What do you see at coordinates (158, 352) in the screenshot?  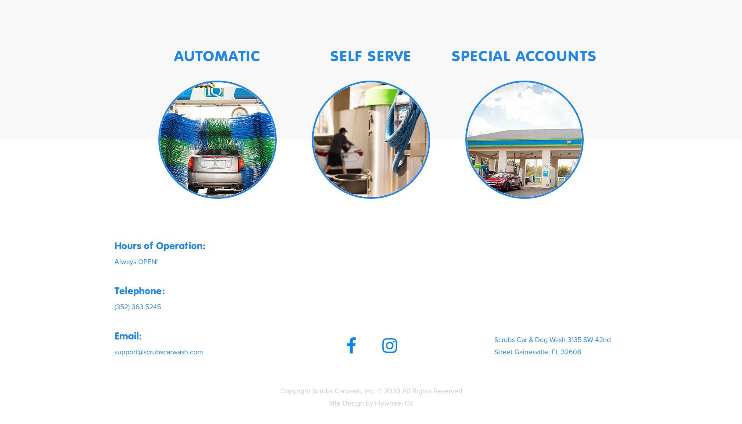 I see `'support@scrubscarwash.com'` at bounding box center [158, 352].